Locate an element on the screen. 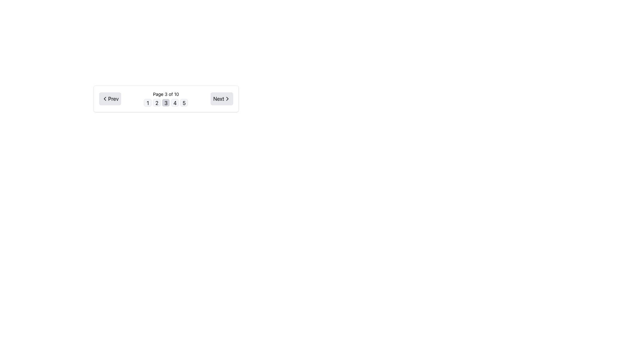  the pagination button labeled '4' is located at coordinates (175, 102).